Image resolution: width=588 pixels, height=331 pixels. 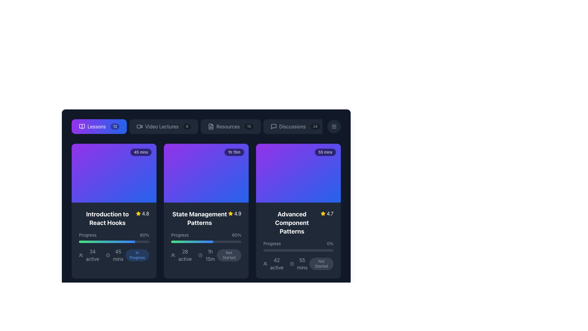 What do you see at coordinates (114, 255) in the screenshot?
I see `the multi-component informational section at the bottom of the first card, which includes text labels, icons, and a status badge` at bounding box center [114, 255].